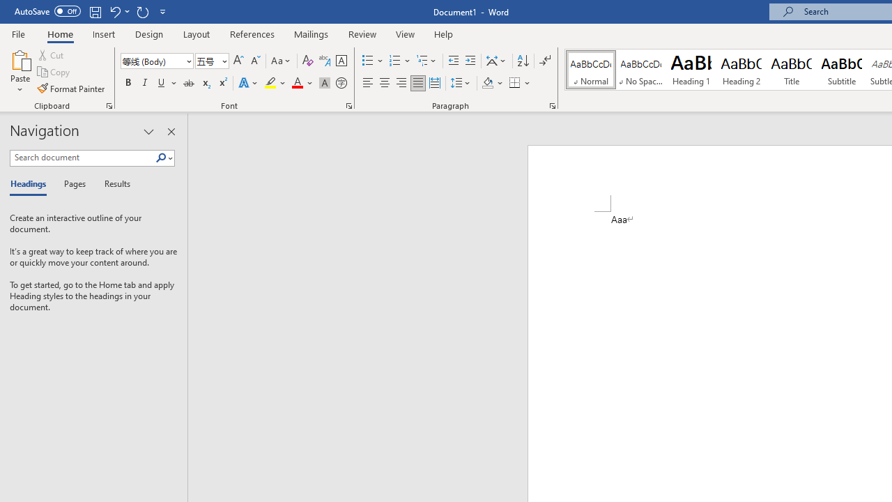 Image resolution: width=892 pixels, height=502 pixels. I want to click on 'Repeat Typing', so click(142, 11).